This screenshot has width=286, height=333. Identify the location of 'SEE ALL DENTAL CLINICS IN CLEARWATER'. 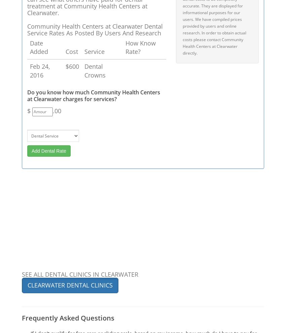
(80, 274).